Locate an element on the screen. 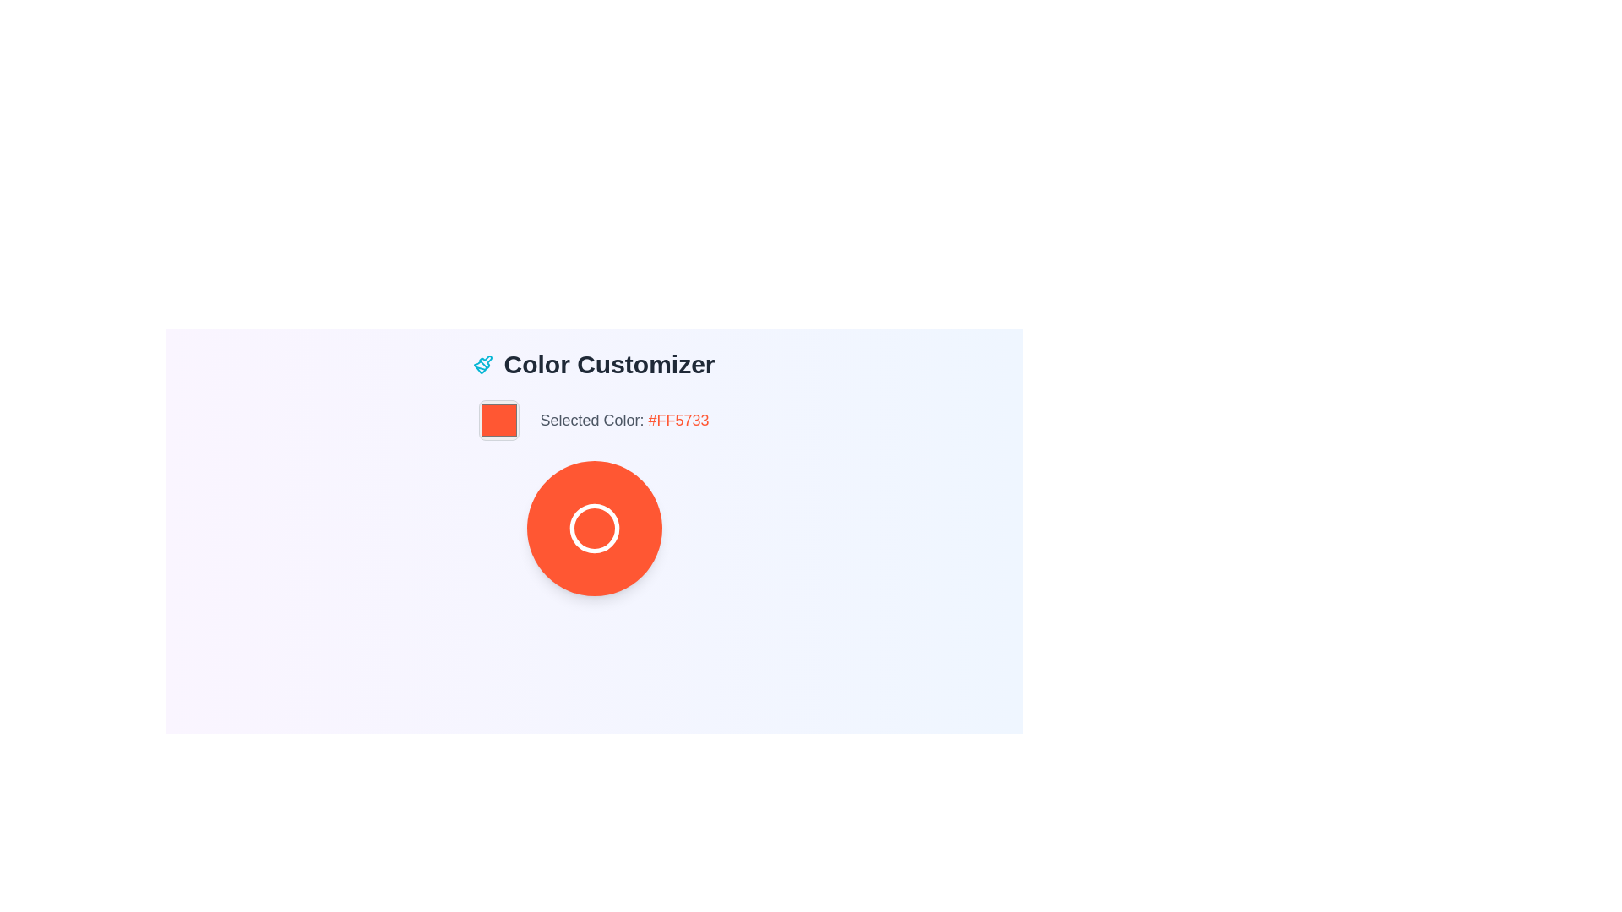 The height and width of the screenshot is (912, 1622). the decorative circular component within the 'Color Customizer' section of the UI is located at coordinates (594, 527).